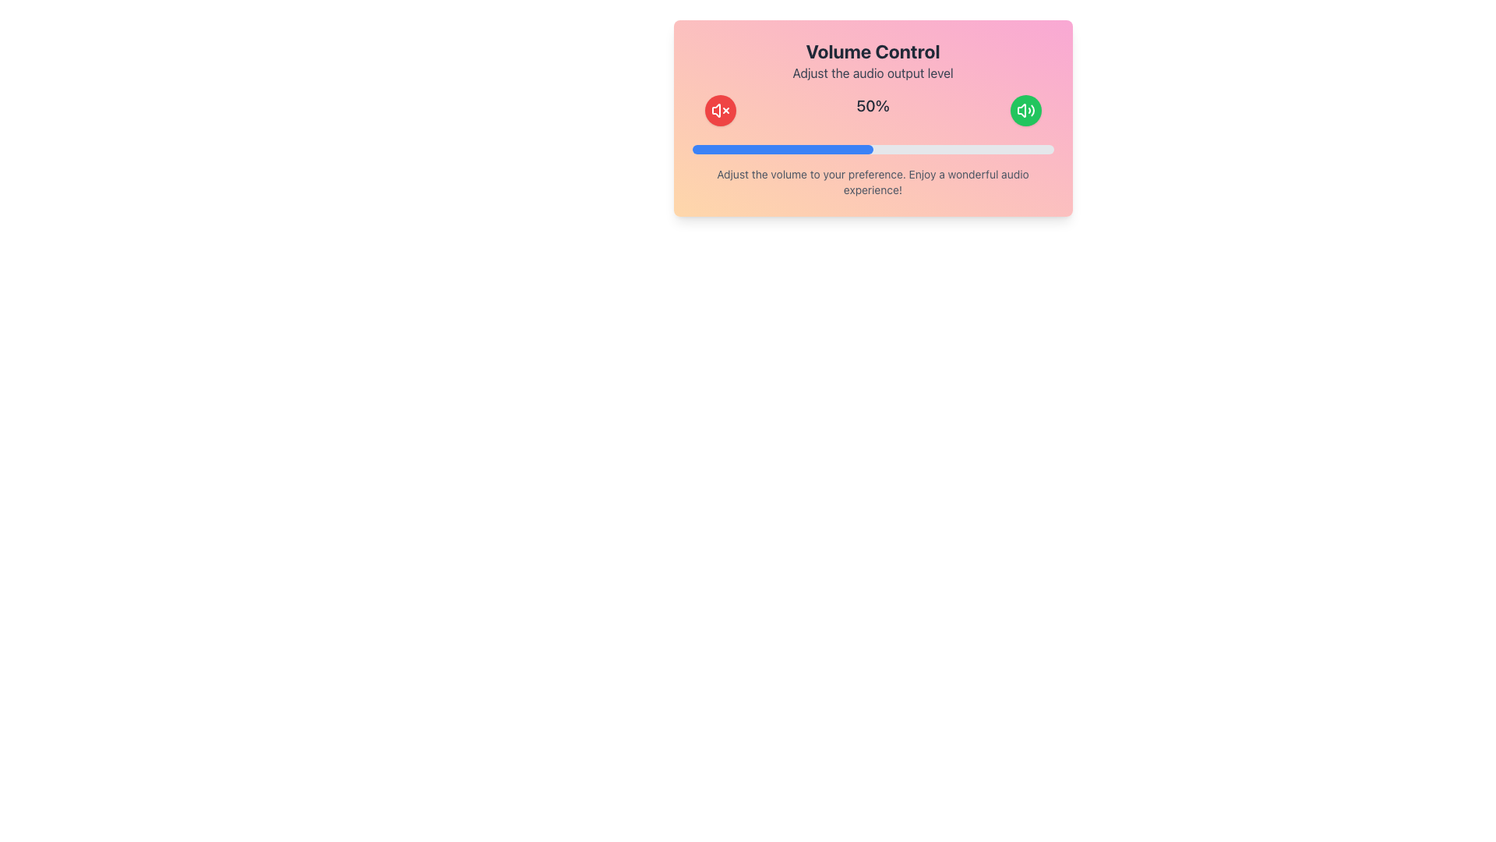 Image resolution: width=1496 pixels, height=842 pixels. What do you see at coordinates (951, 150) in the screenshot?
I see `the volume` at bounding box center [951, 150].